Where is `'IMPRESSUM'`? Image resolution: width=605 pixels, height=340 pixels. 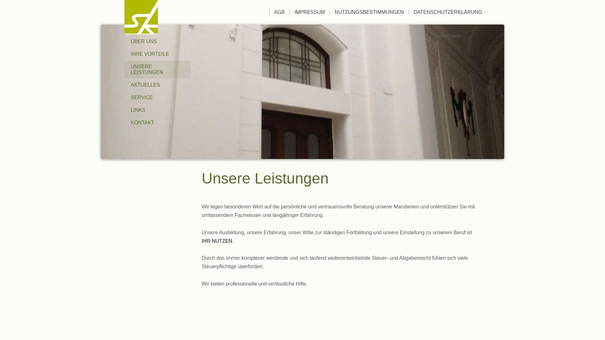
'IMPRESSUM' is located at coordinates (294, 12).